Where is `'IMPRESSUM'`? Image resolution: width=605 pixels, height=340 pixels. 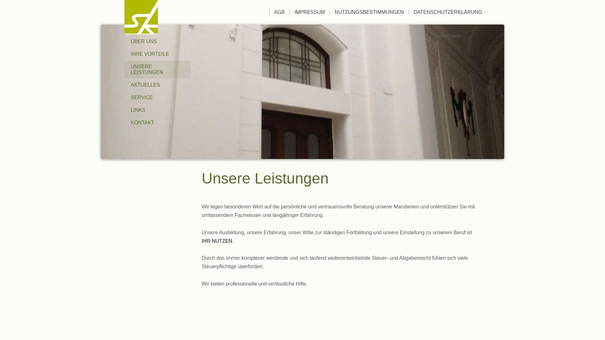
'IMPRESSUM' is located at coordinates (294, 12).